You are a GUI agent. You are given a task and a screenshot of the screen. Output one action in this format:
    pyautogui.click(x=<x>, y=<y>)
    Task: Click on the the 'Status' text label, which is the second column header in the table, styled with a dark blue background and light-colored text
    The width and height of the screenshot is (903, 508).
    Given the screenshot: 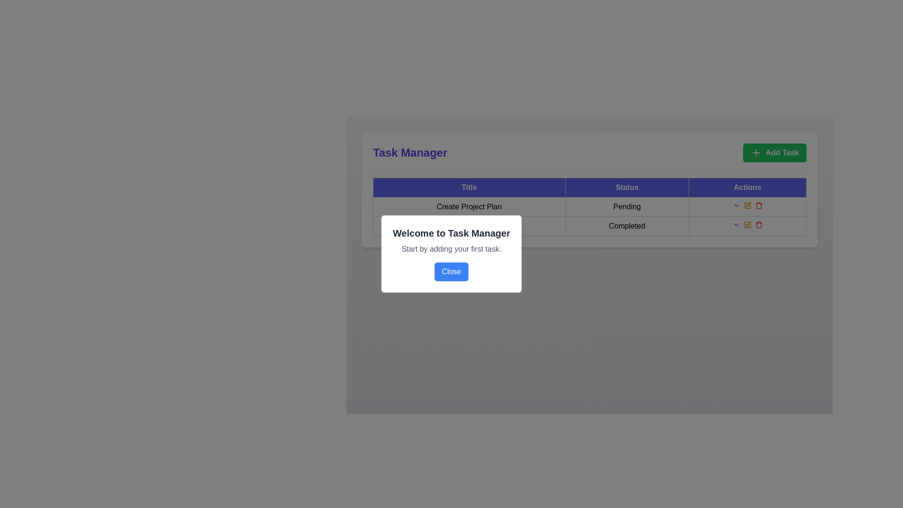 What is the action you would take?
    pyautogui.click(x=627, y=187)
    